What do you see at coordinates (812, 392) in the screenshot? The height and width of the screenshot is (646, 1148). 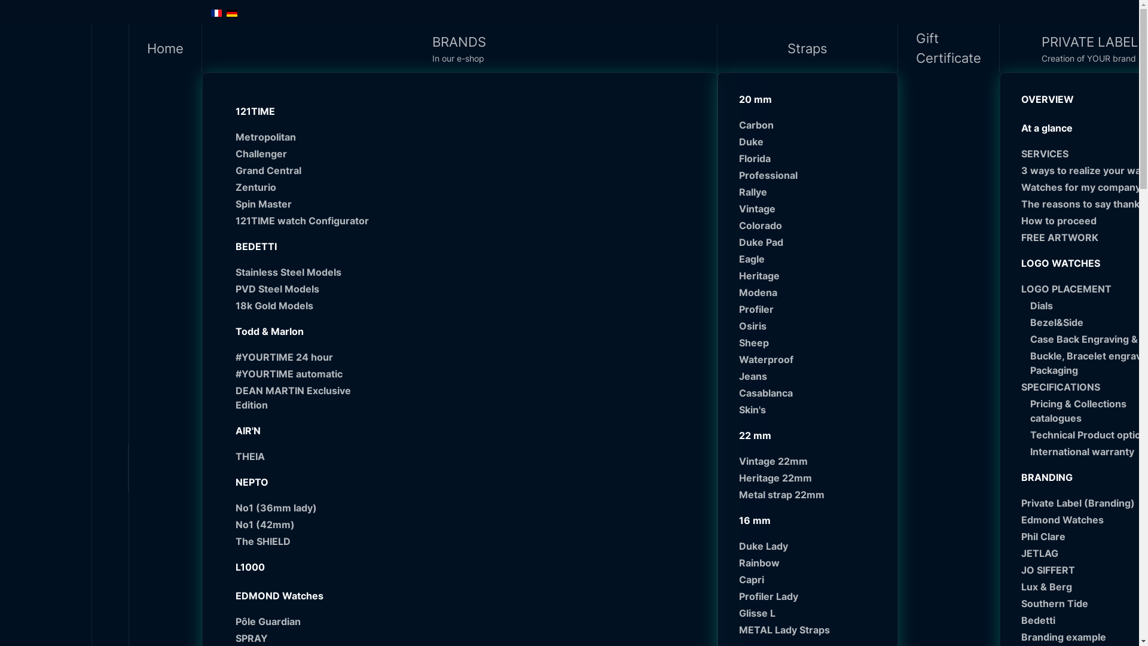 I see `'Casablanca'` at bounding box center [812, 392].